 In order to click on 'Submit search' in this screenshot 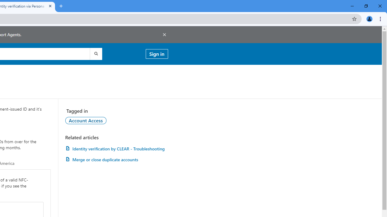, I will do `click(95, 53)`.